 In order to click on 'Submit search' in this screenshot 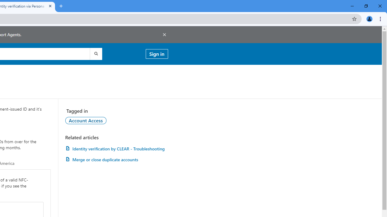, I will do `click(95, 53)`.